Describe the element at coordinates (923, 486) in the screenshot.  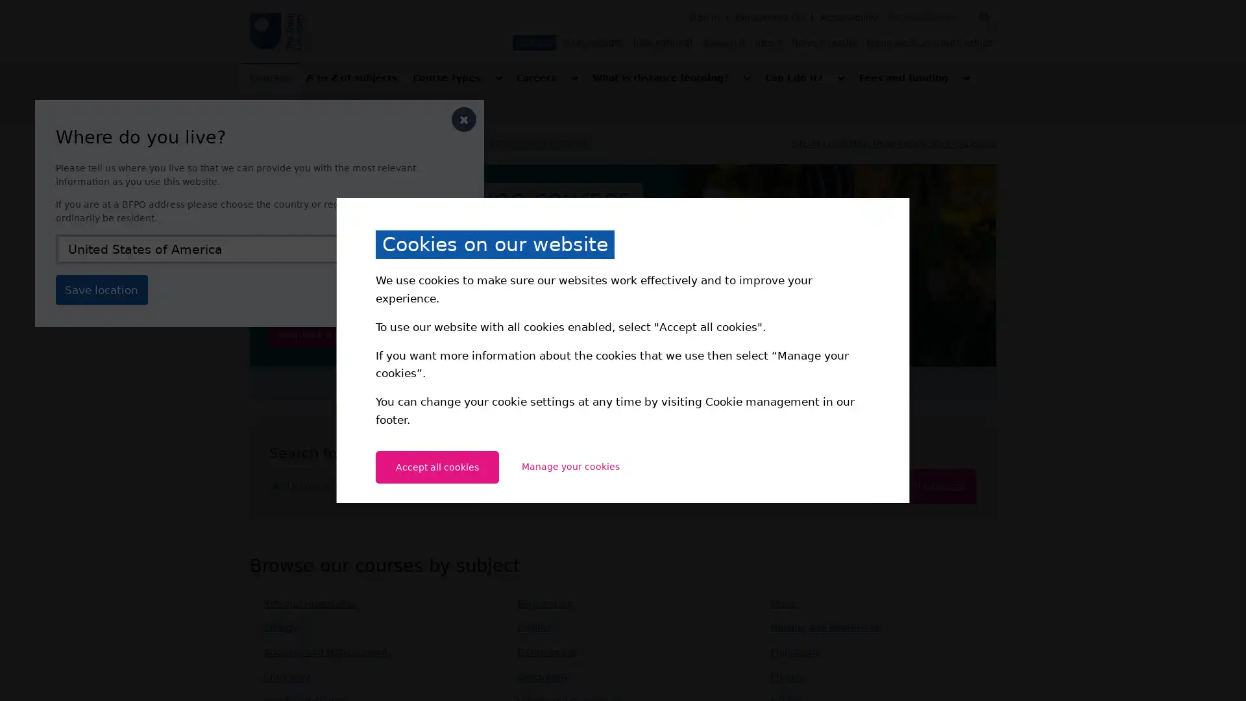
I see `Find courses` at that location.